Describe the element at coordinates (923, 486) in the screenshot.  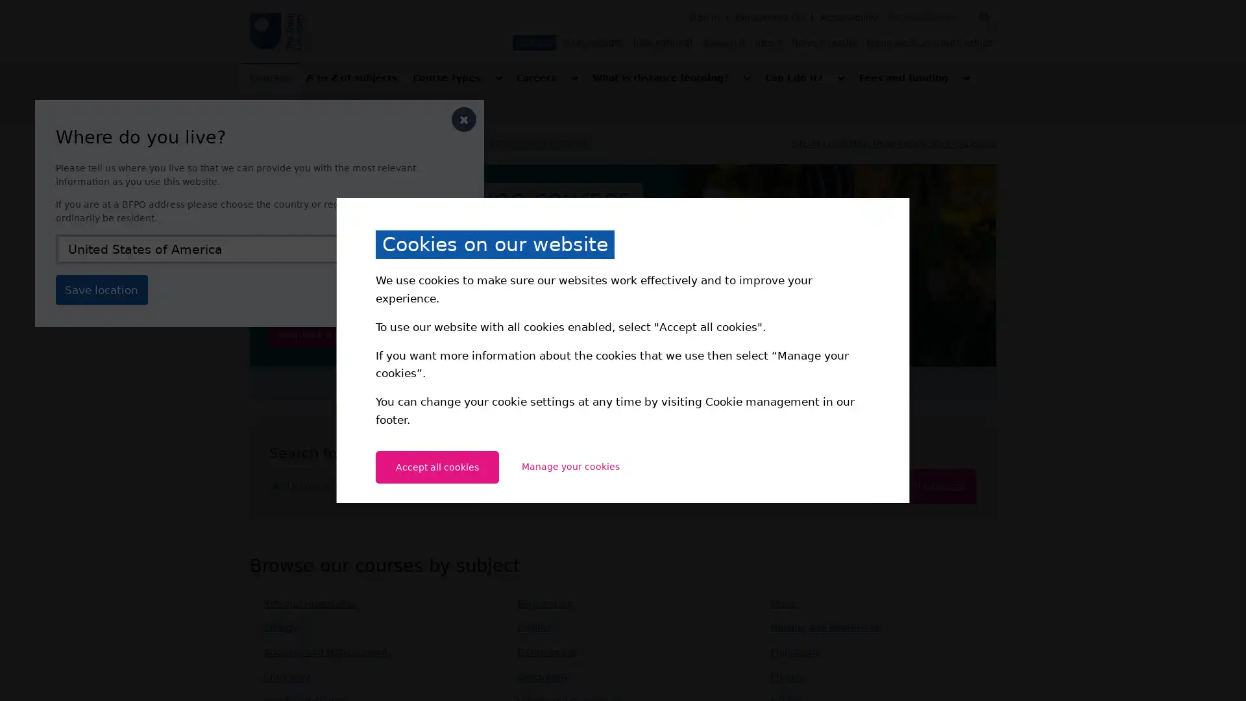
I see `Find courses` at that location.